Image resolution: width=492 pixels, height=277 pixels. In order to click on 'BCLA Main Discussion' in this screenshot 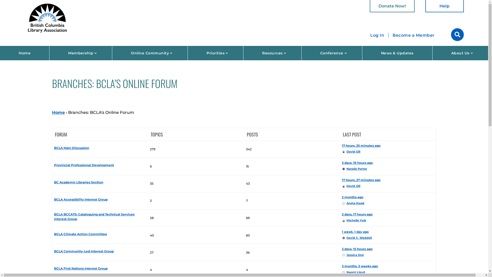, I will do `click(71, 148)`.